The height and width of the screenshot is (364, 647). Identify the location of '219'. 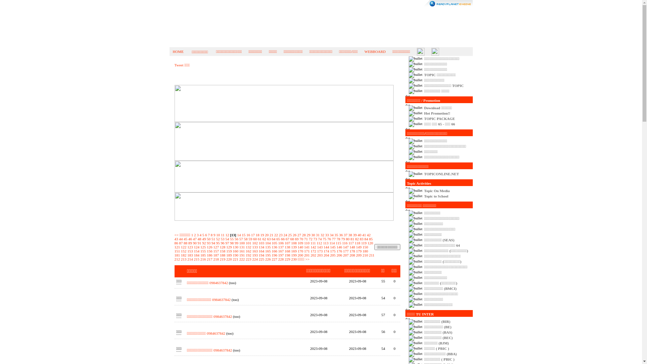
(222, 259).